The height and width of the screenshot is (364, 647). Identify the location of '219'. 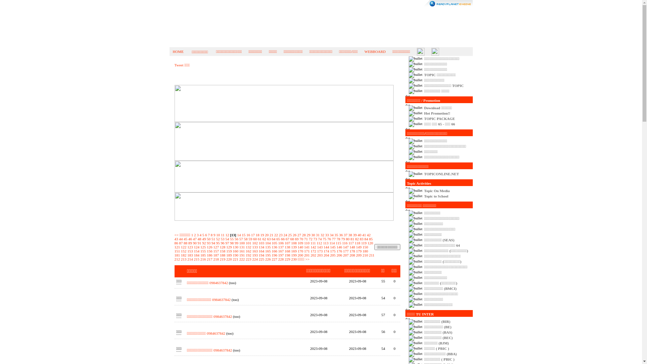
(222, 259).